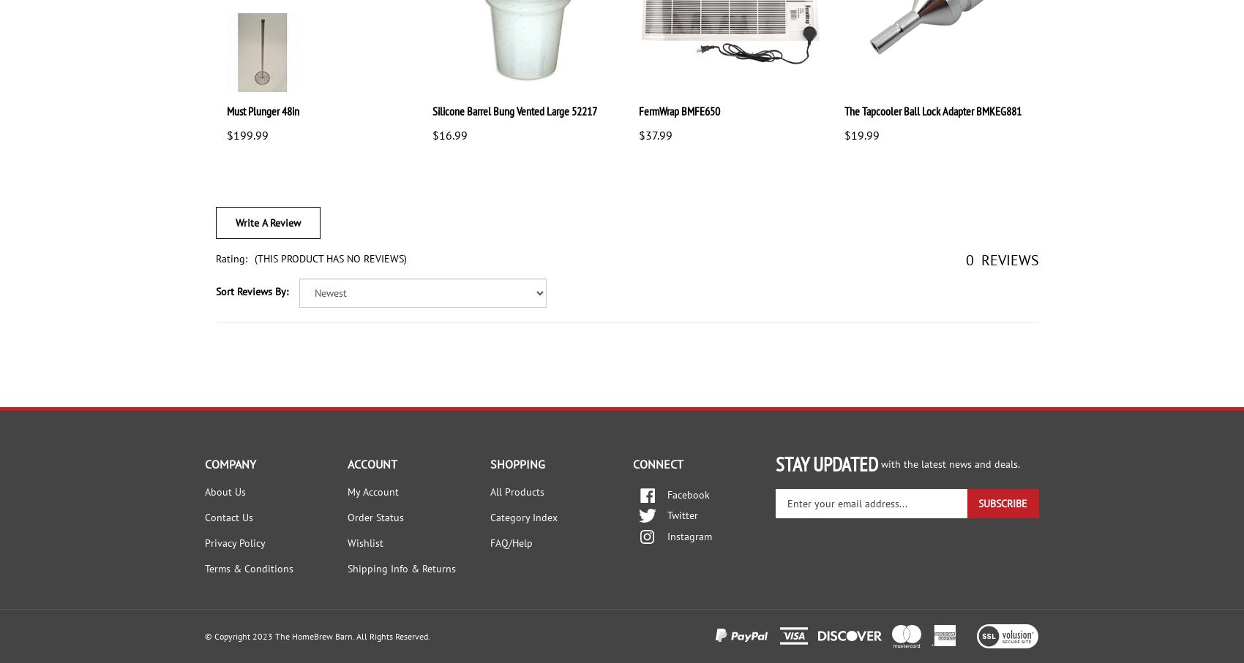  I want to click on 'Silicone Barrel Bung Vented Large 52217', so click(514, 110).